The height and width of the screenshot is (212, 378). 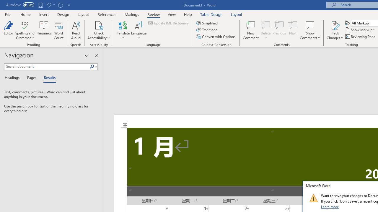 I want to click on 'Show Comments', so click(x=310, y=30).